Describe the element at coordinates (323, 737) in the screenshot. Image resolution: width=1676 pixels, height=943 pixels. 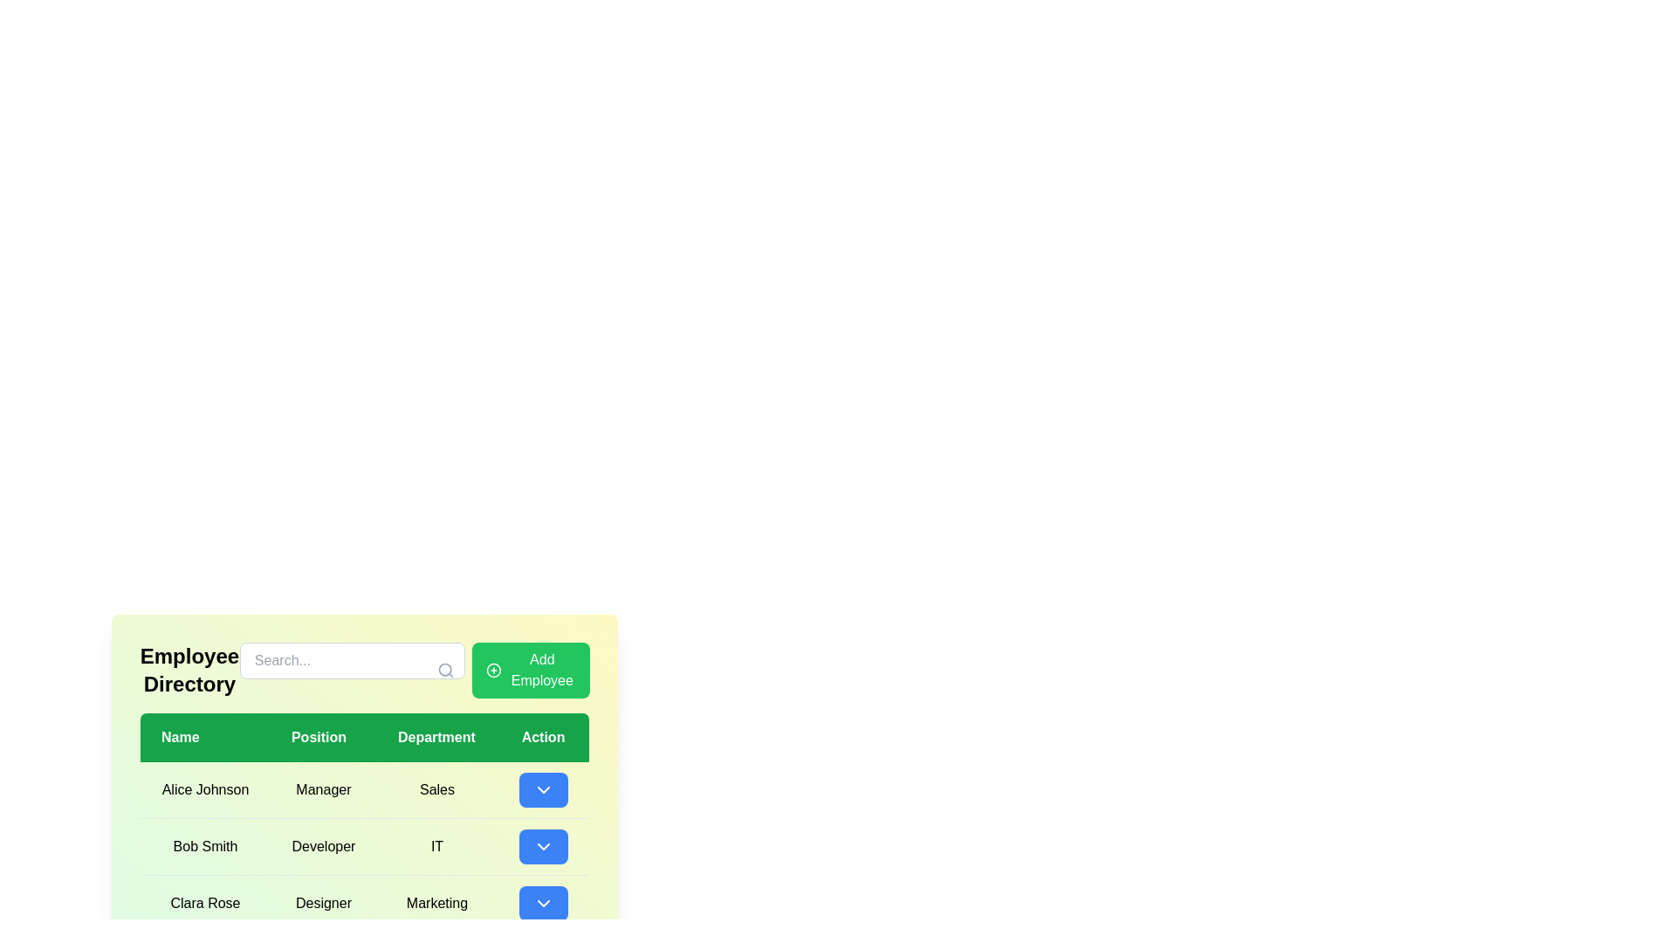
I see `the green rectangular 'Position' label in the second column header of the table, which displays the word 'Position' in bold white text` at that location.